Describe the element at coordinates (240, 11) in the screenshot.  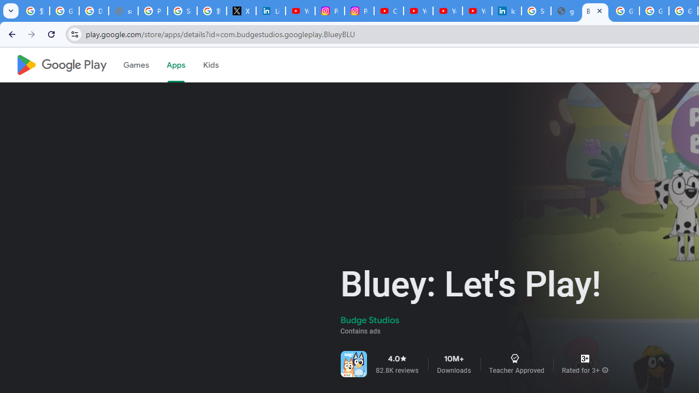
I see `'X'` at that location.